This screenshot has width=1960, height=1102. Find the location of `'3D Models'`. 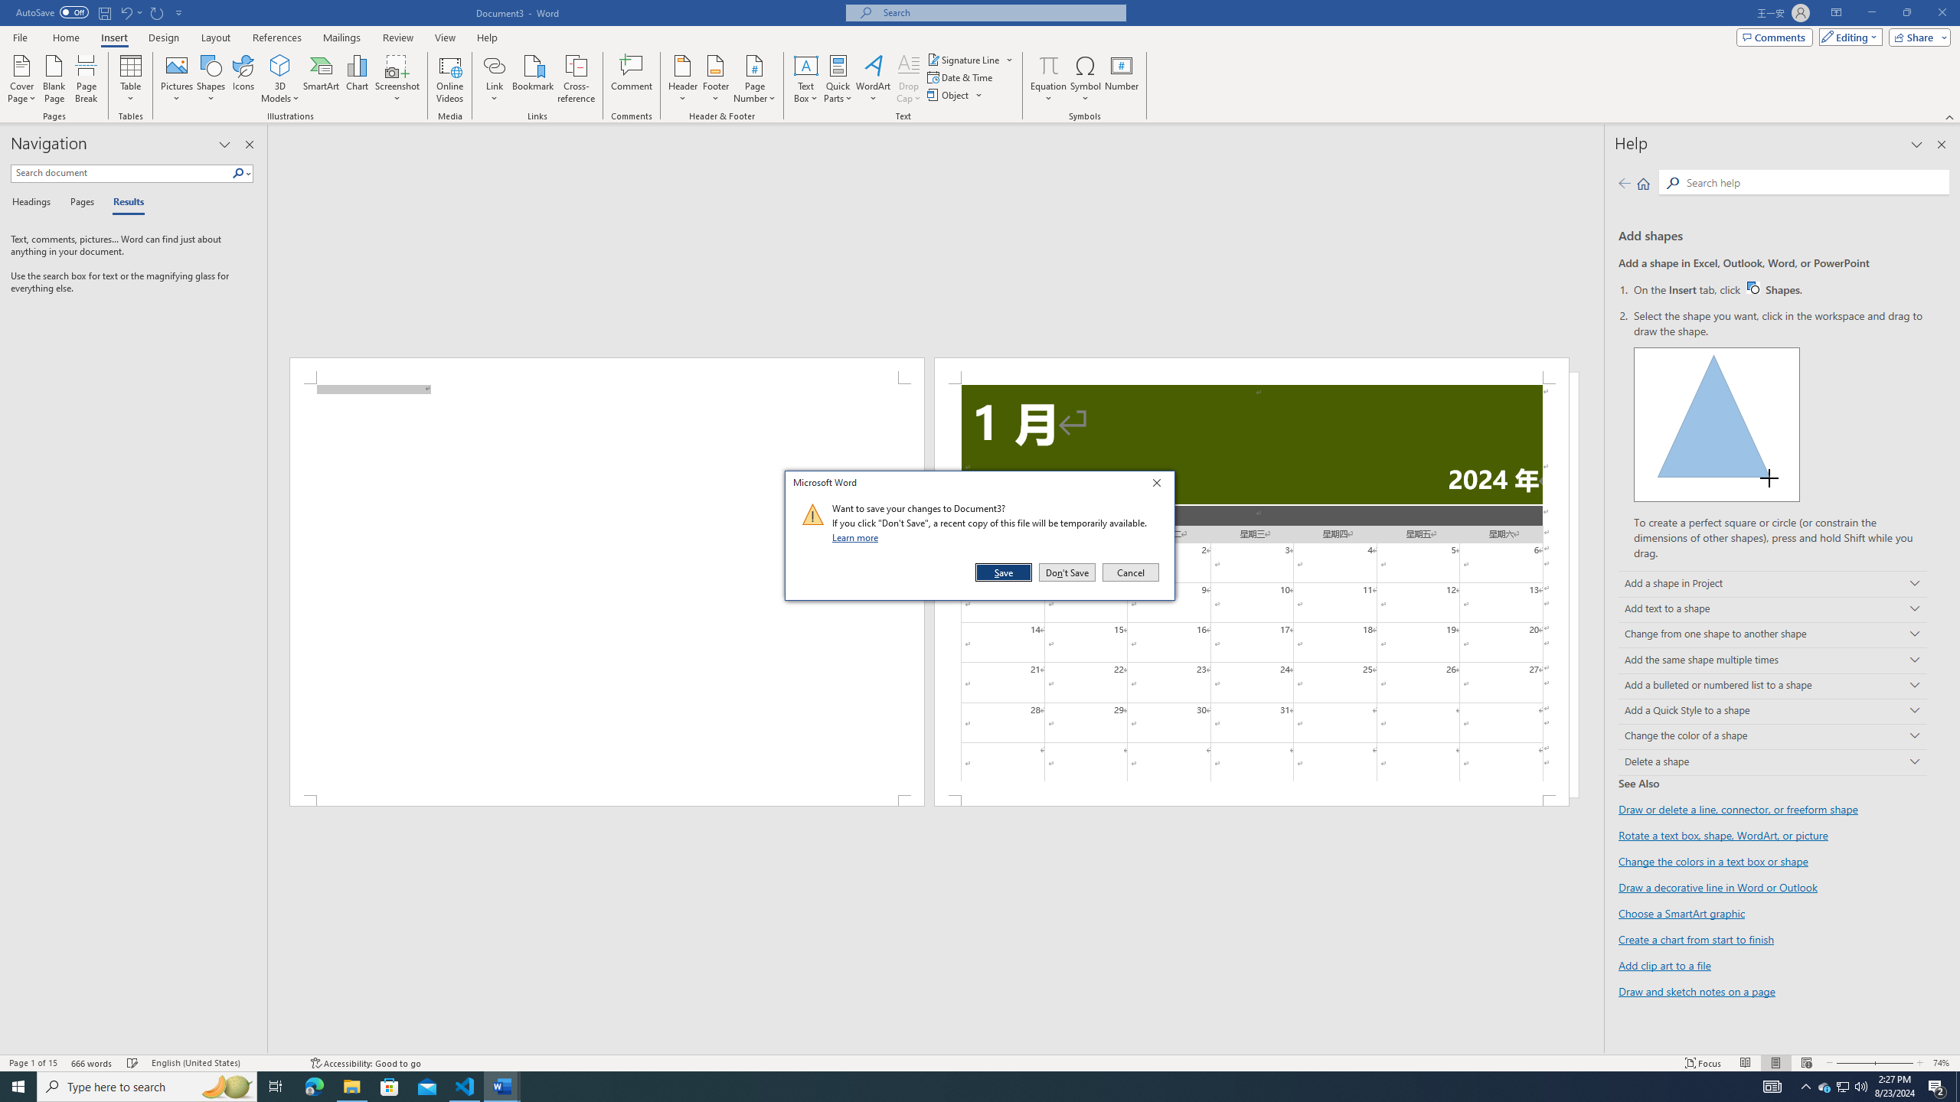

'3D Models' is located at coordinates (280, 79).